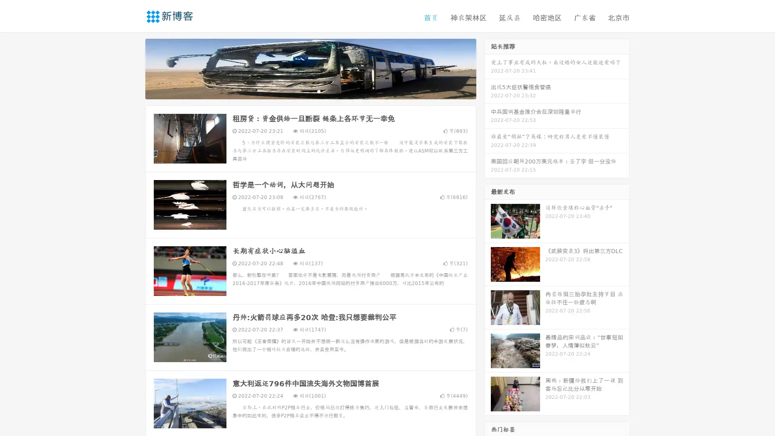 The image size is (775, 436). Describe the element at coordinates (302, 91) in the screenshot. I see `Go to slide 1` at that location.